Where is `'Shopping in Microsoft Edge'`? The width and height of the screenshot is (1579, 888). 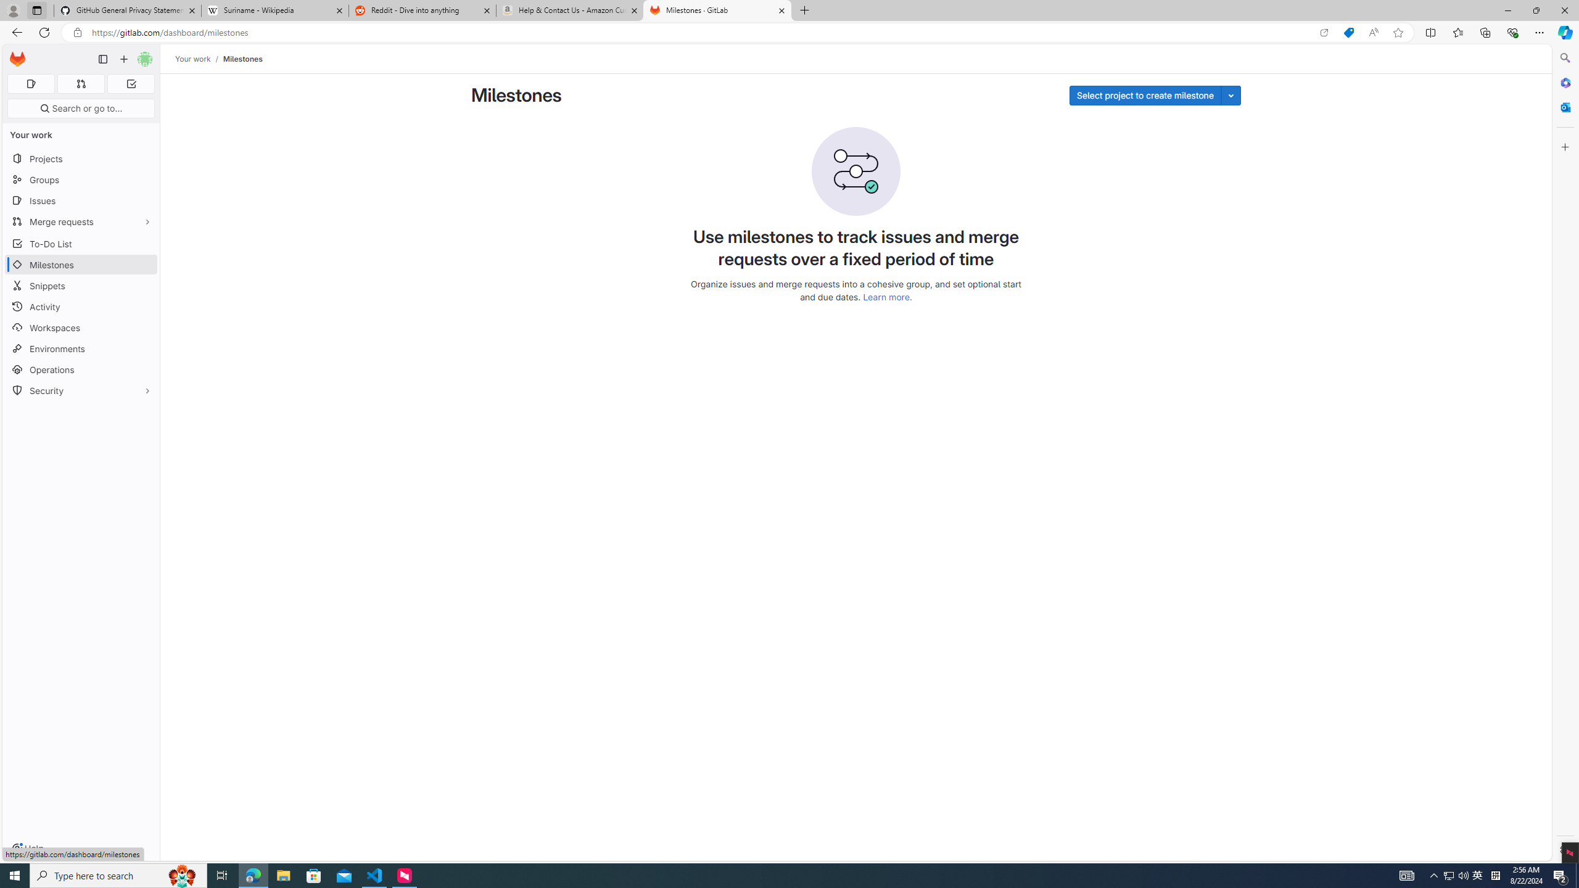 'Shopping in Microsoft Edge' is located at coordinates (1348, 33).